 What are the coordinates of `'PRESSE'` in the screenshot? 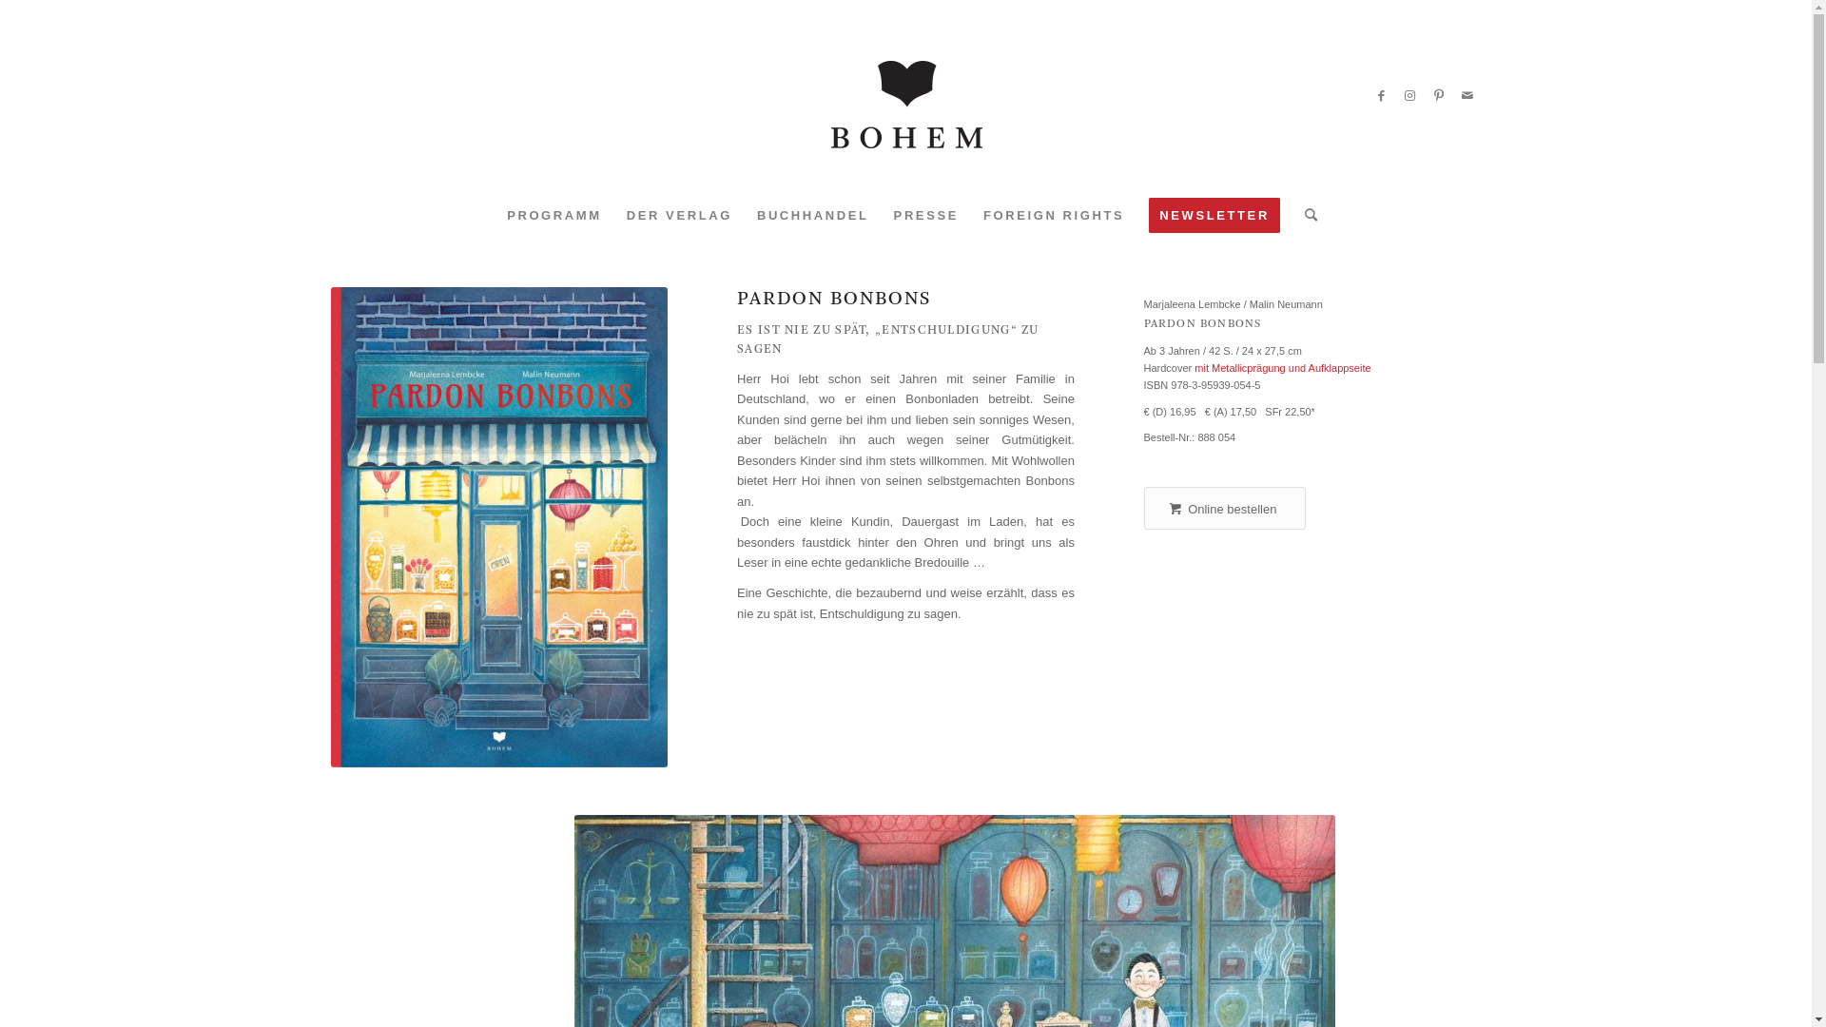 It's located at (926, 215).